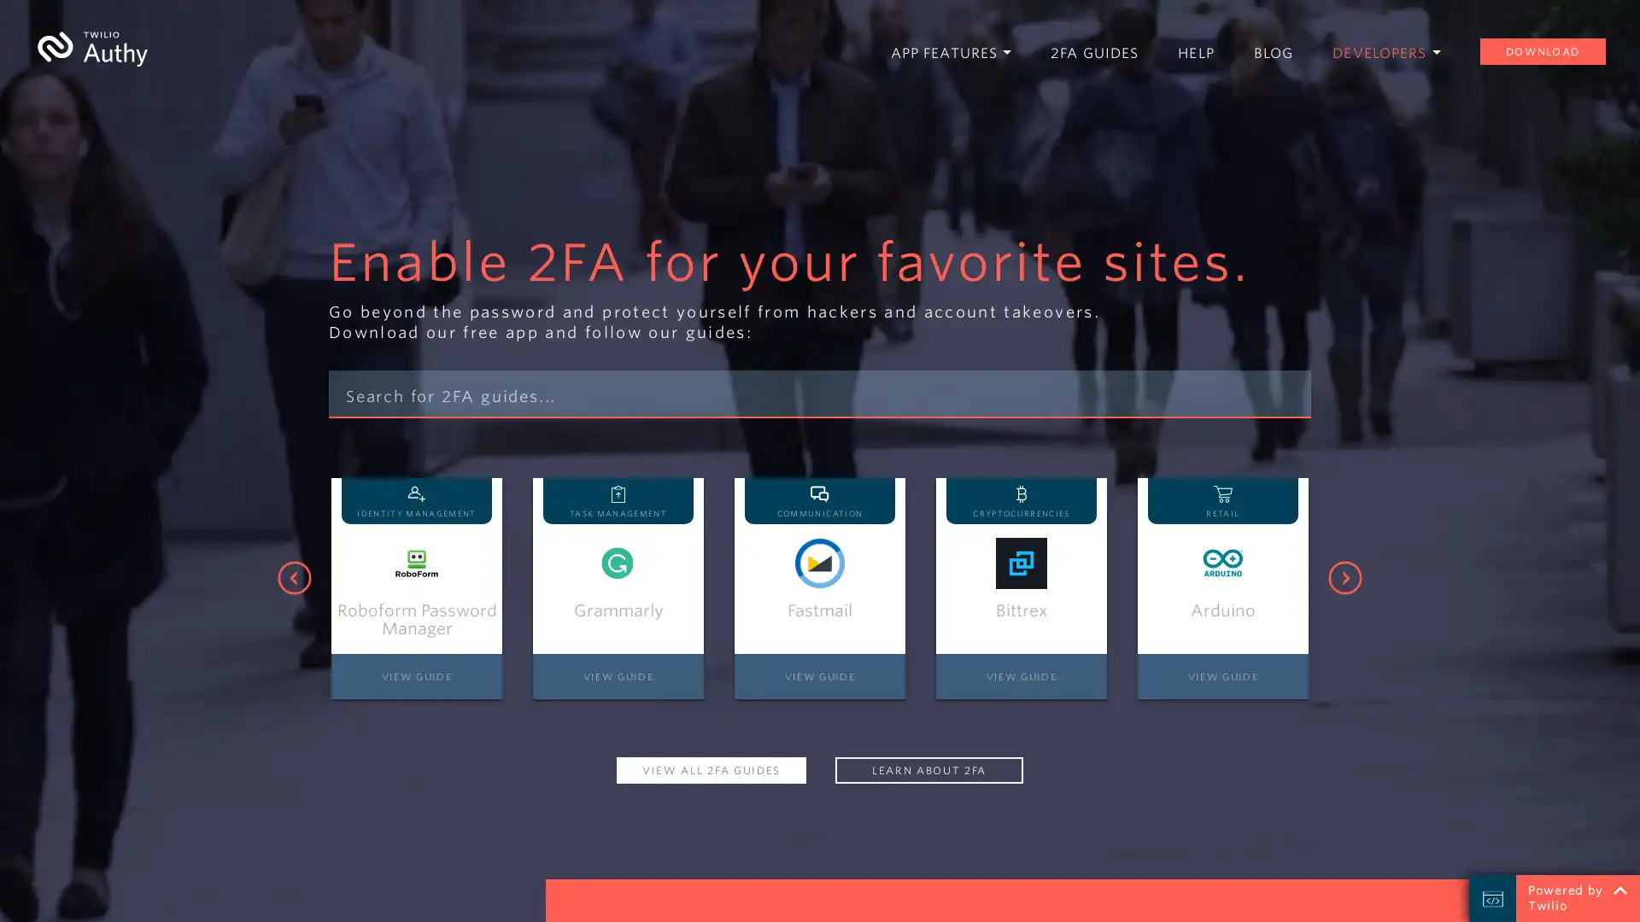 This screenshot has width=1640, height=922. Describe the element at coordinates (1344, 577) in the screenshot. I see `Next` at that location.